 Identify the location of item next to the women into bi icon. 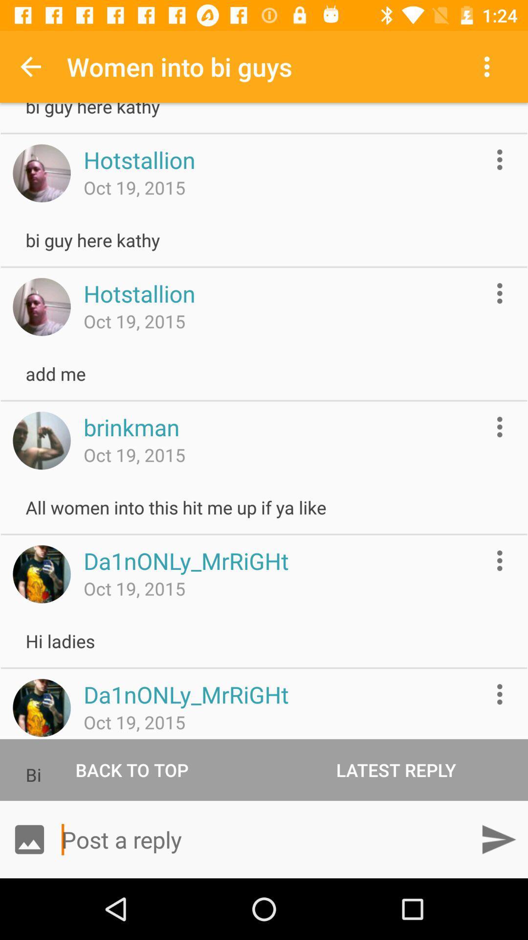
(30, 66).